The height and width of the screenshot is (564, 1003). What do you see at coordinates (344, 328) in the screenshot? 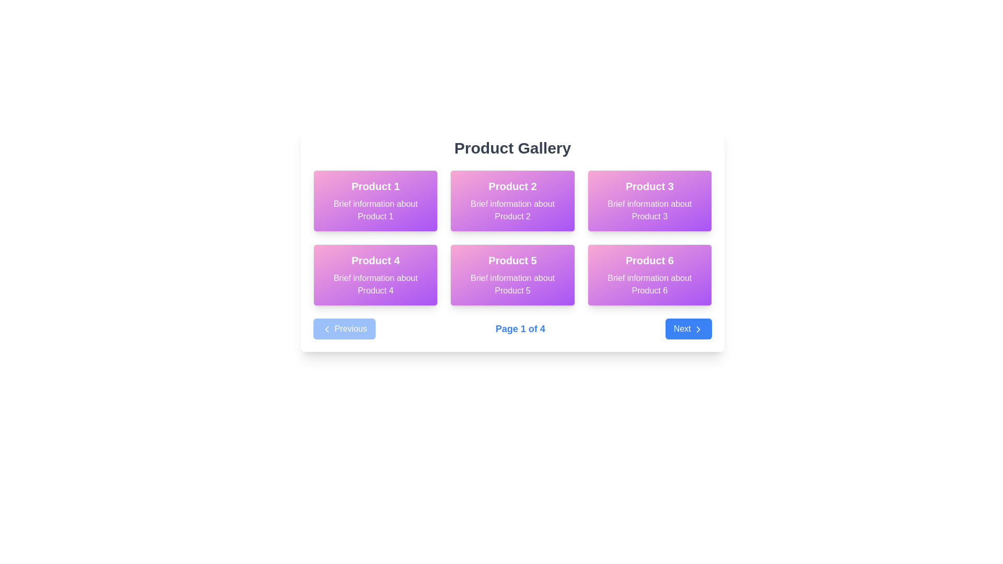
I see `the navigation button that allows moving to the previous page in the pagination section, located to the left of the 'Page 1 of 4' label` at bounding box center [344, 328].